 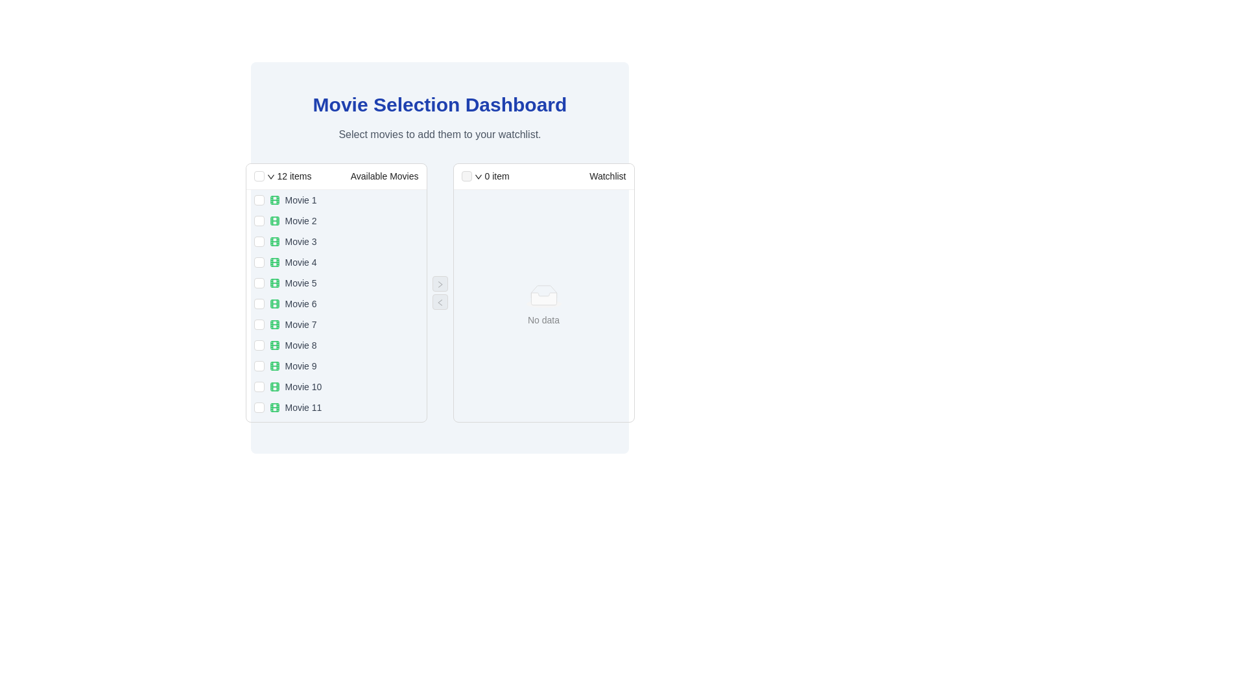 I want to click on the checkbox of the fifth list item in the 'Available Movies' panel, so click(x=336, y=282).